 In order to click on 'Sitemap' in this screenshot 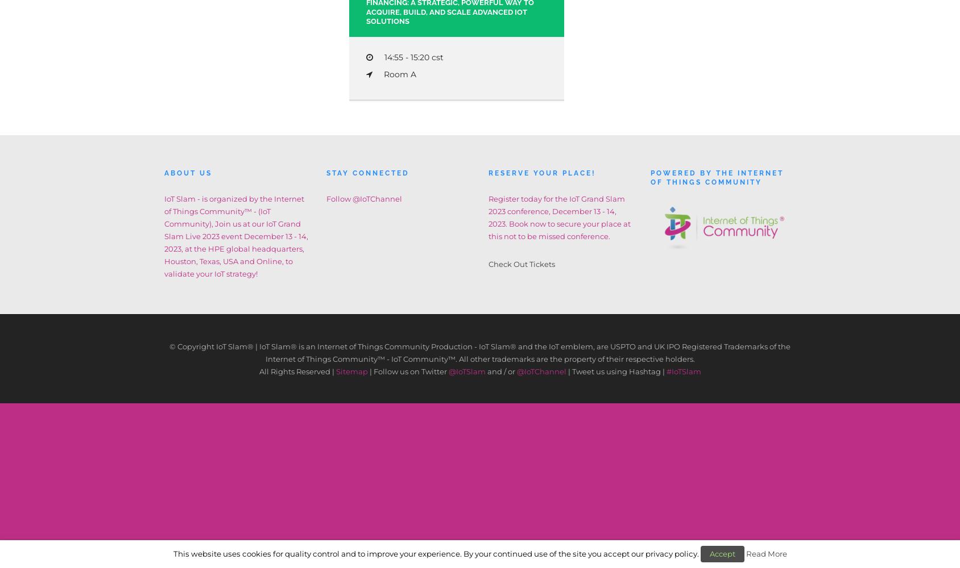, I will do `click(351, 371)`.